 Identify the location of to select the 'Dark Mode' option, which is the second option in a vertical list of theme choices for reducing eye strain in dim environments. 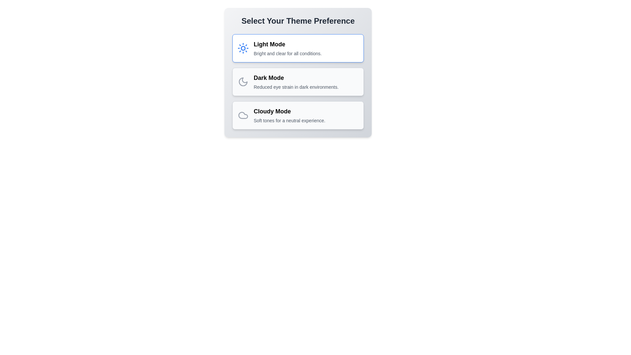
(298, 72).